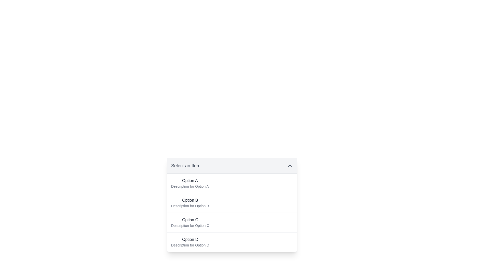 The width and height of the screenshot is (489, 275). What do you see at coordinates (190, 242) in the screenshot?
I see `the list item titled 'Option D' in the dropdown menu 'Select an Item'` at bounding box center [190, 242].